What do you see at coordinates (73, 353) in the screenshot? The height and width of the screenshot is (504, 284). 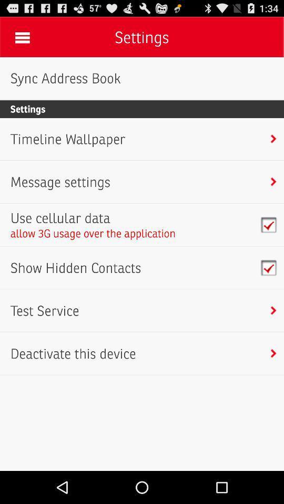 I see `the deactivate this device app` at bounding box center [73, 353].